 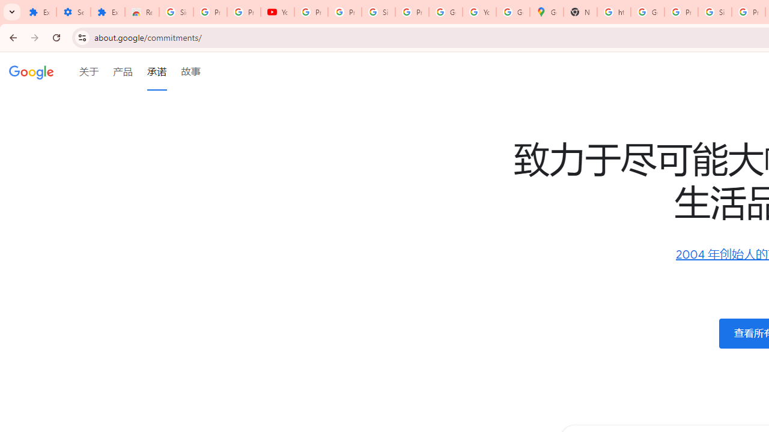 What do you see at coordinates (580, 12) in the screenshot?
I see `'New Tab'` at bounding box center [580, 12].